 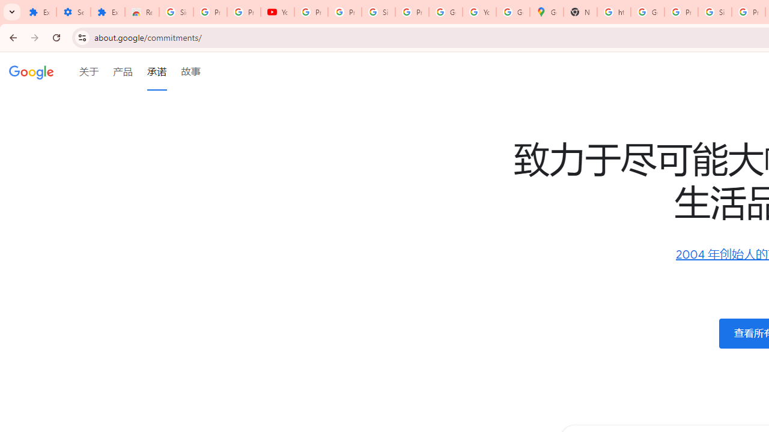 What do you see at coordinates (580, 12) in the screenshot?
I see `'New Tab'` at bounding box center [580, 12].